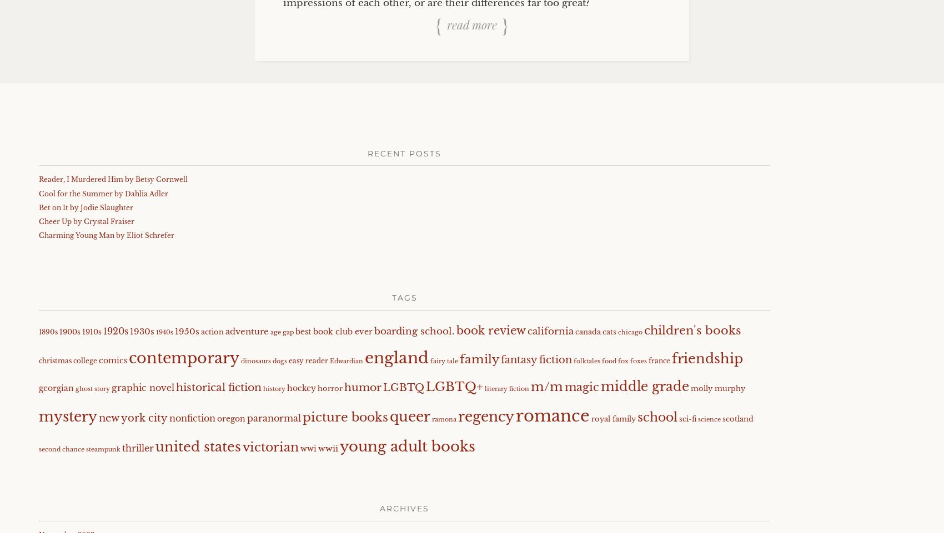  I want to click on 'best book club ever', so click(333, 331).